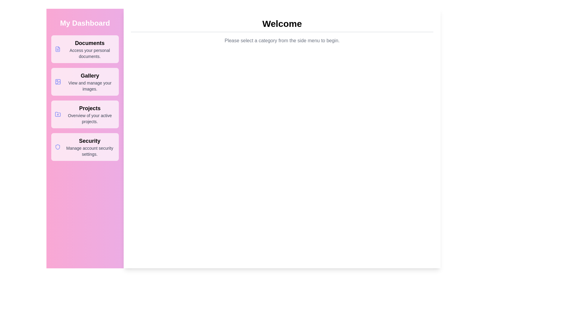 The height and width of the screenshot is (326, 579). What do you see at coordinates (85, 114) in the screenshot?
I see `the menu option Projects from the available options` at bounding box center [85, 114].